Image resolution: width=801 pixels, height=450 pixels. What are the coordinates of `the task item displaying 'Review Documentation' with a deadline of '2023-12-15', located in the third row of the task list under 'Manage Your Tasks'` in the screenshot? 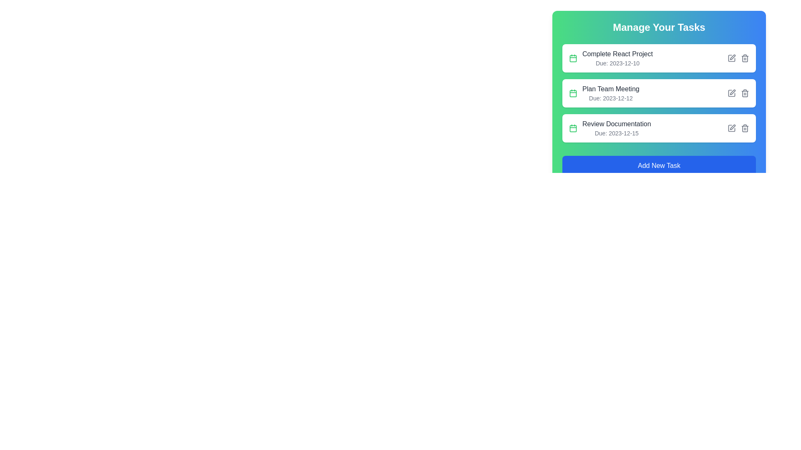 It's located at (617, 128).